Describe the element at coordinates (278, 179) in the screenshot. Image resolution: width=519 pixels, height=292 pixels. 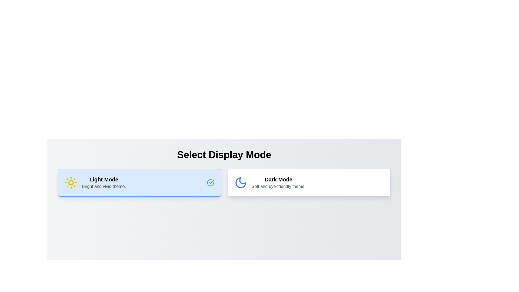
I see `the Text Label that indicates the option to select a dark mode display theme, located below the heading 'Select Display Mode' on the right half of the interface` at that location.